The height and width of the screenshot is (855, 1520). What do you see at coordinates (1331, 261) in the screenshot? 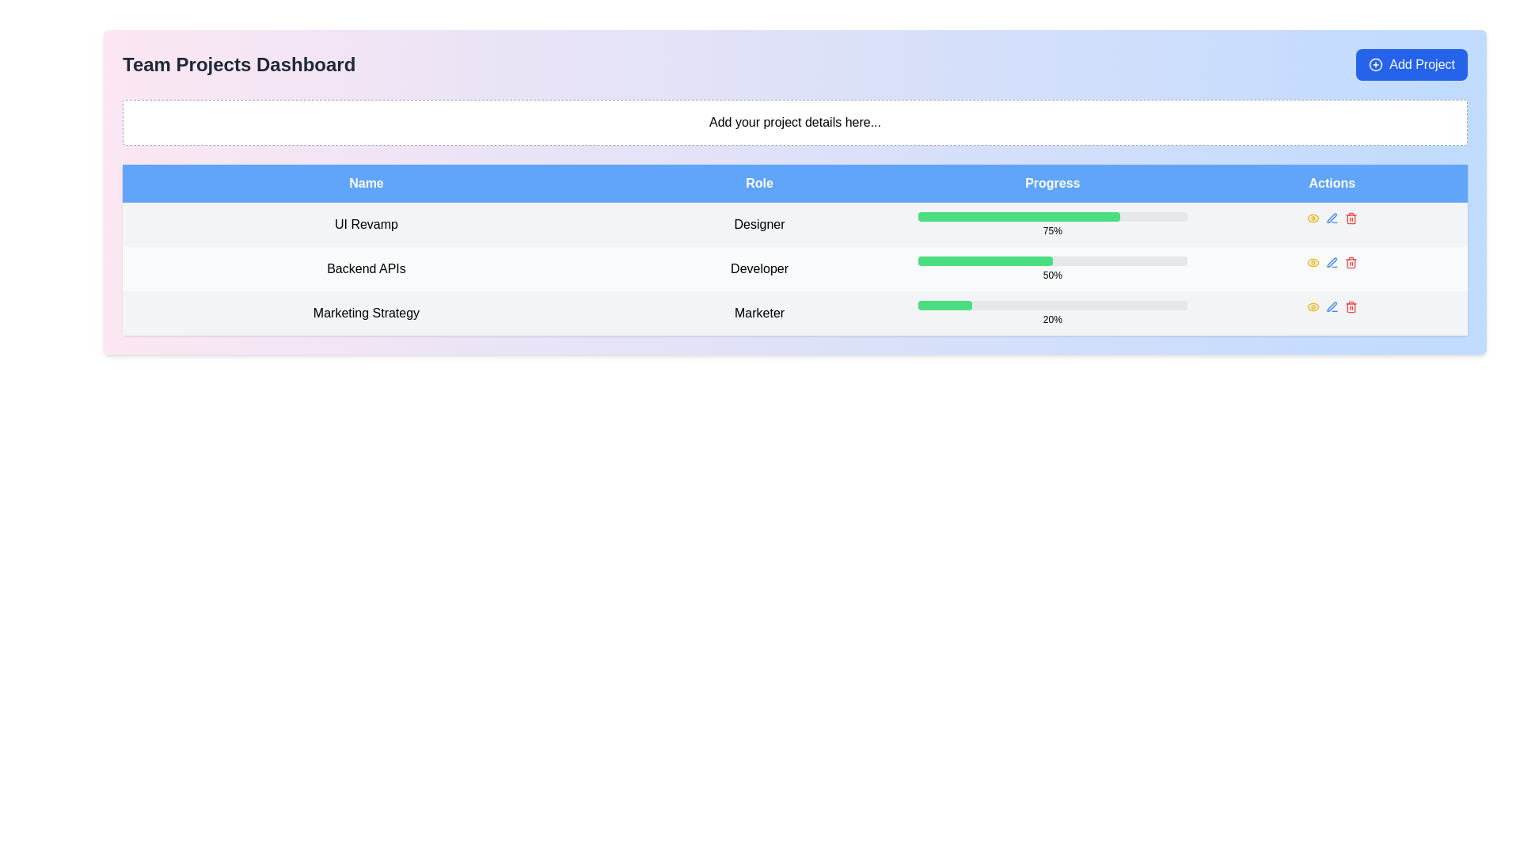
I see `the edit icon button located in the 'Actions' column of the second row in the data table to initiate an edit action` at bounding box center [1331, 261].